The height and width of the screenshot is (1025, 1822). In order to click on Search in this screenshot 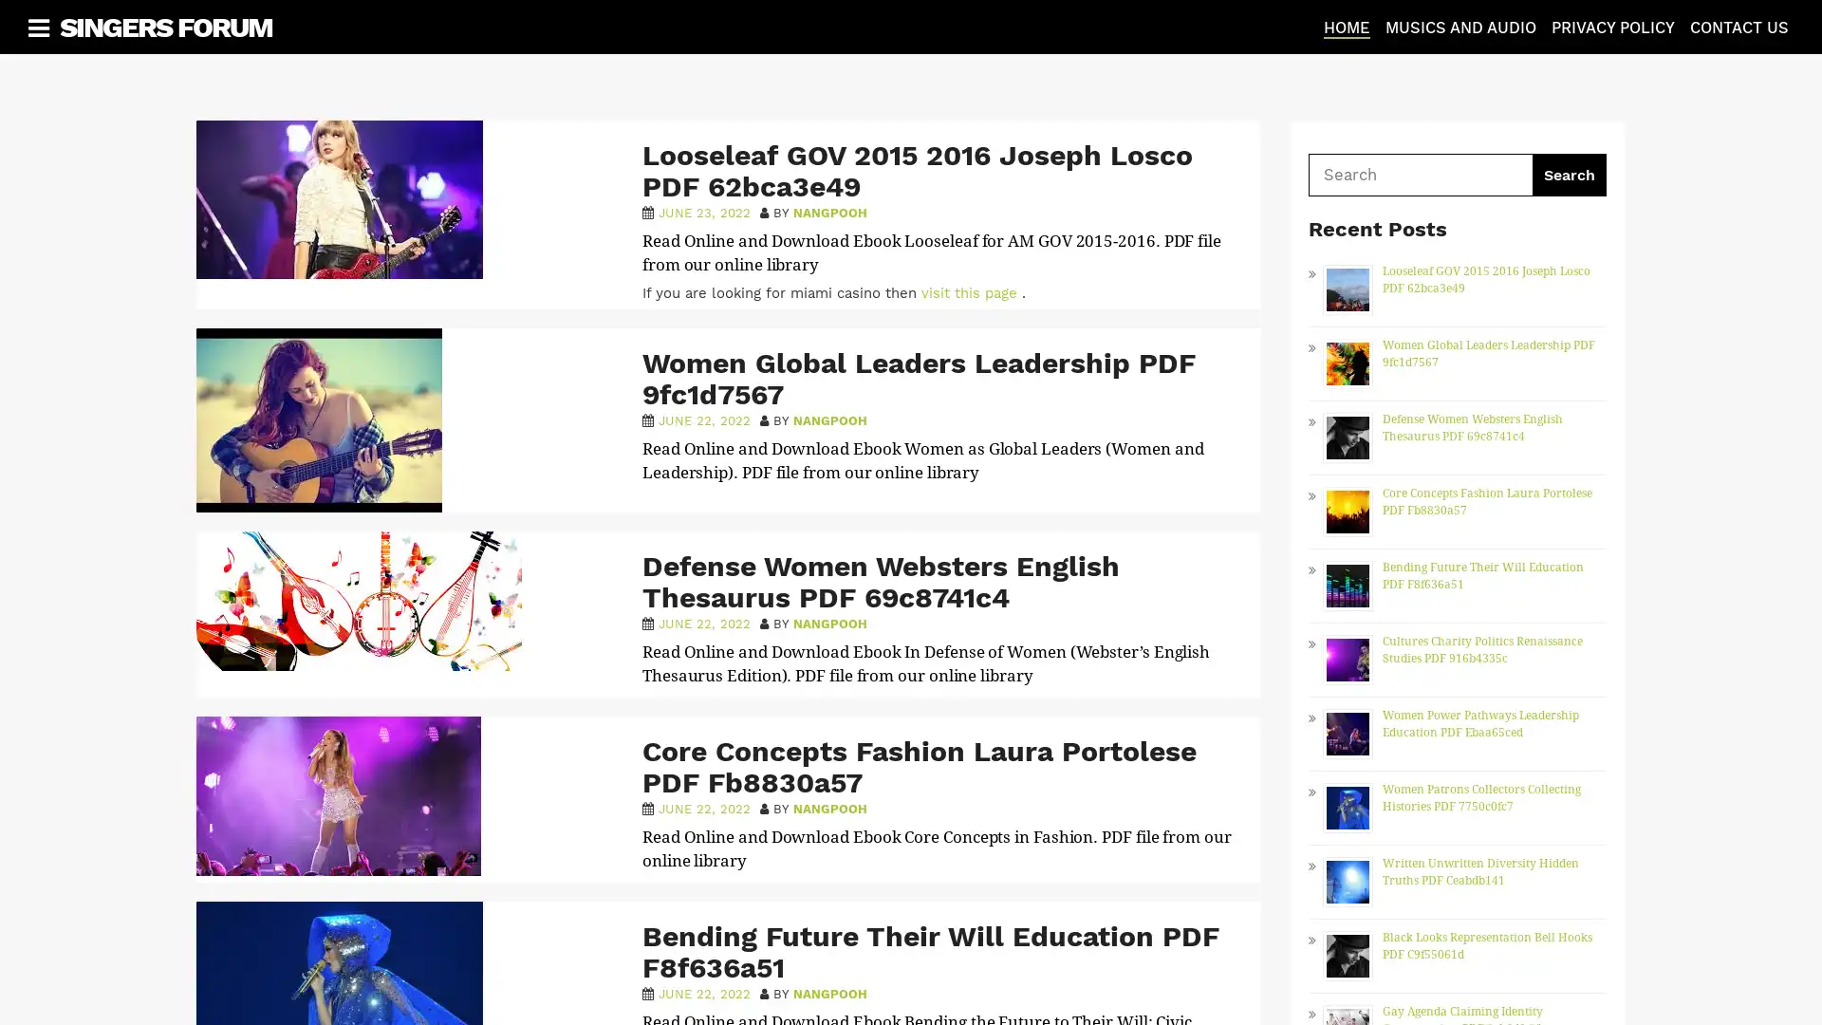, I will do `click(1569, 175)`.